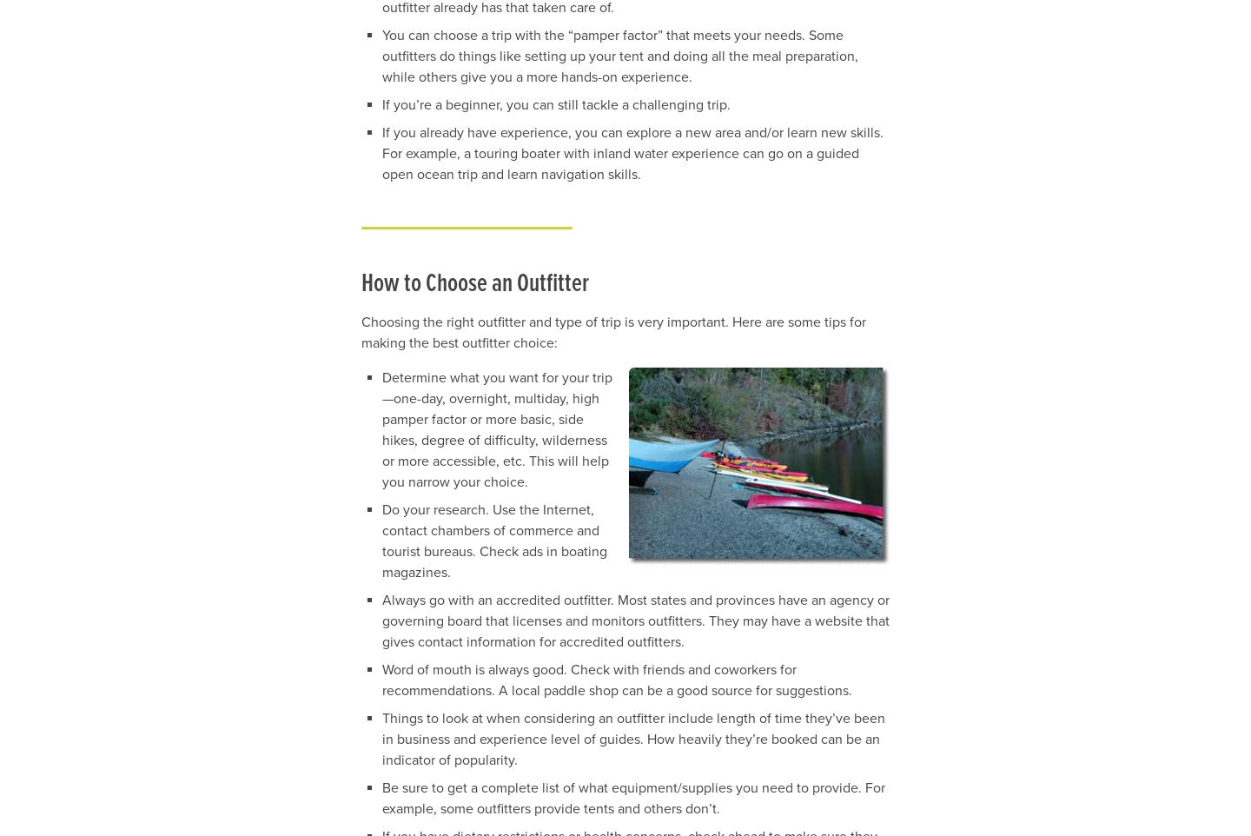  Describe the element at coordinates (497, 428) in the screenshot. I see `'Determine what you want for your trip—one-day, overnight, multiday, high pamper factor or more basic, side hikes, degree of difficulty, wilderness or more accessible, etc. This will help you narrow your choice.'` at that location.